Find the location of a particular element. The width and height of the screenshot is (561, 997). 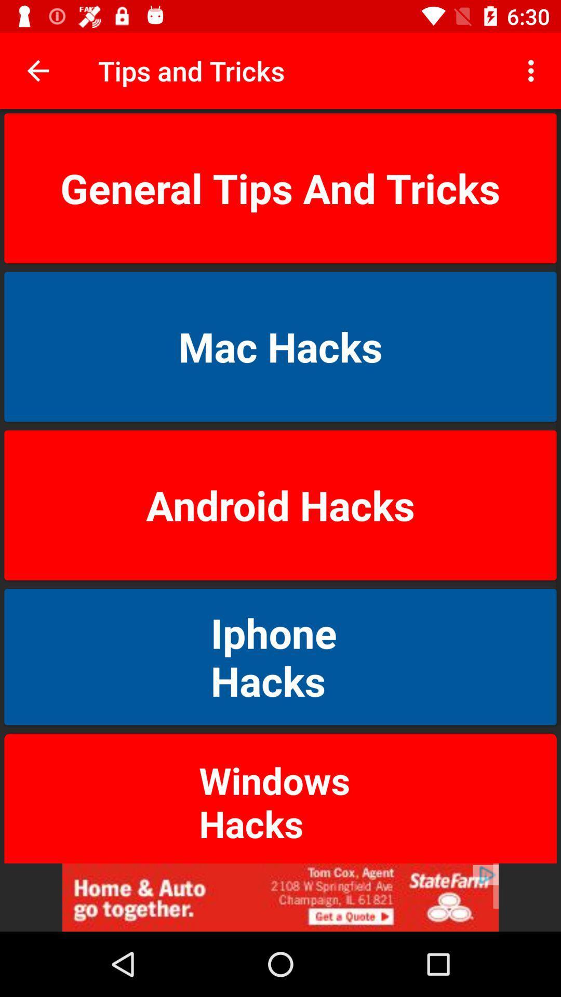

advertisement banner is located at coordinates (280, 897).